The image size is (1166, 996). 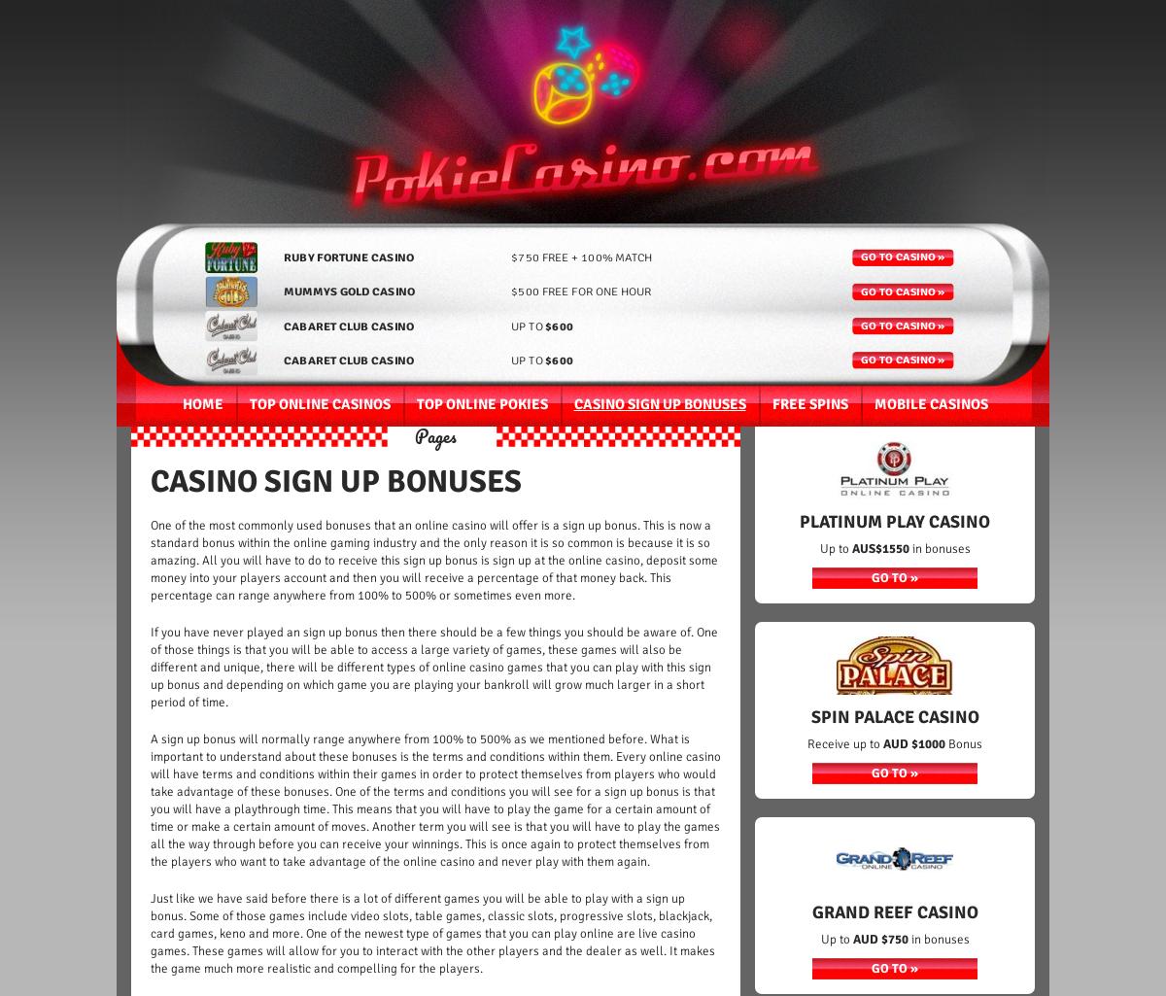 I want to click on 'AUS$1550', so click(x=850, y=548).